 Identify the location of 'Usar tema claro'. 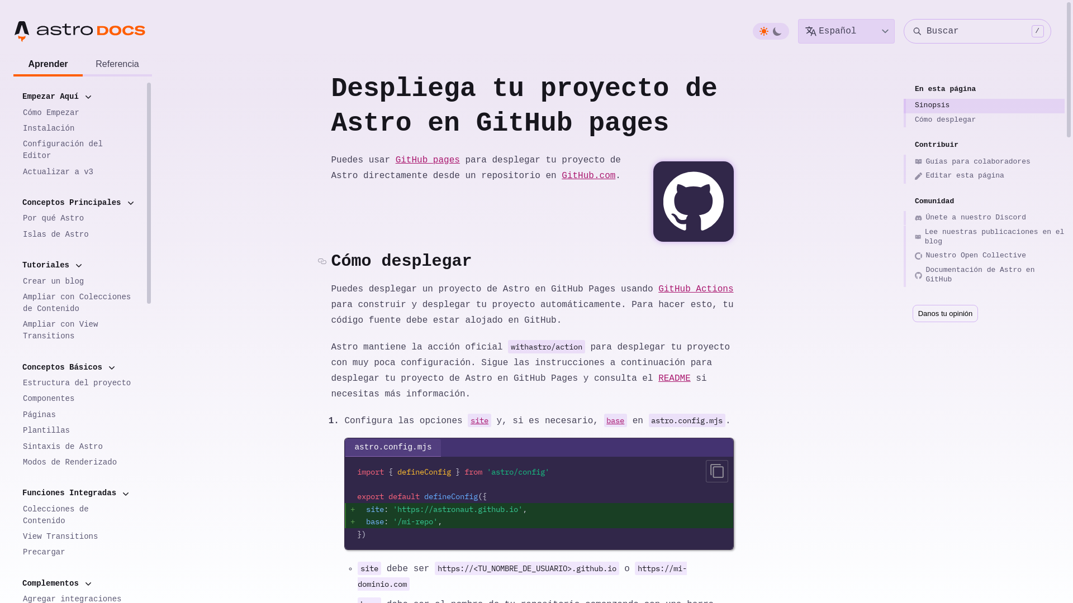
(763, 31).